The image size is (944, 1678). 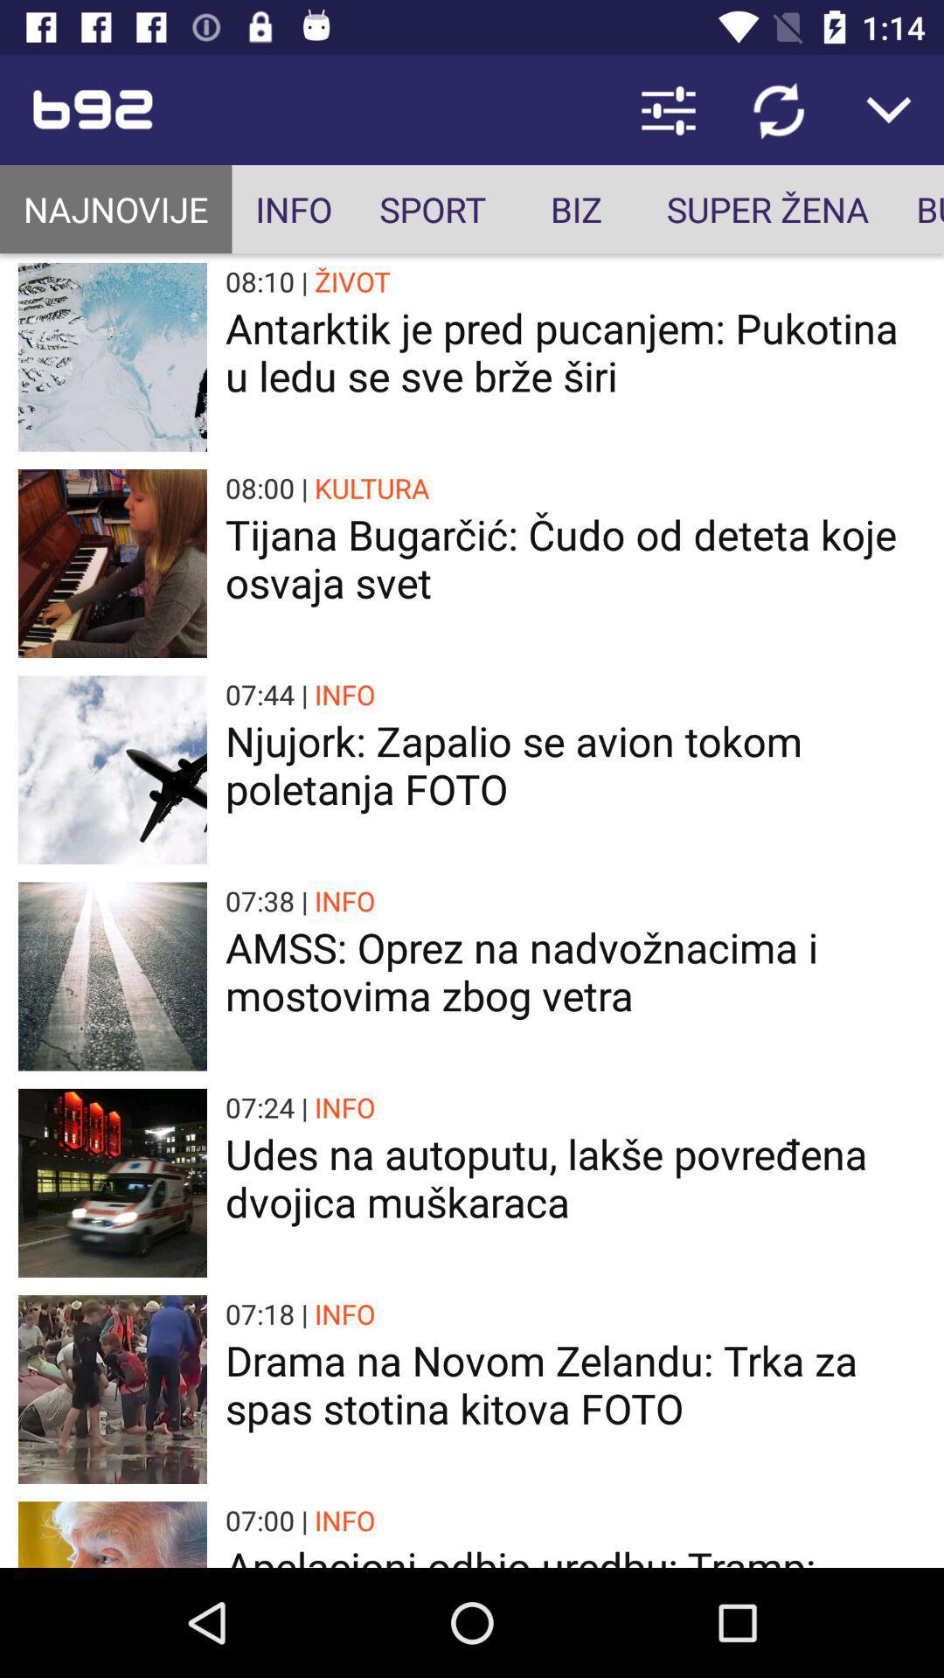 I want to click on the icon to the right of 08:00 |  item, so click(x=371, y=488).